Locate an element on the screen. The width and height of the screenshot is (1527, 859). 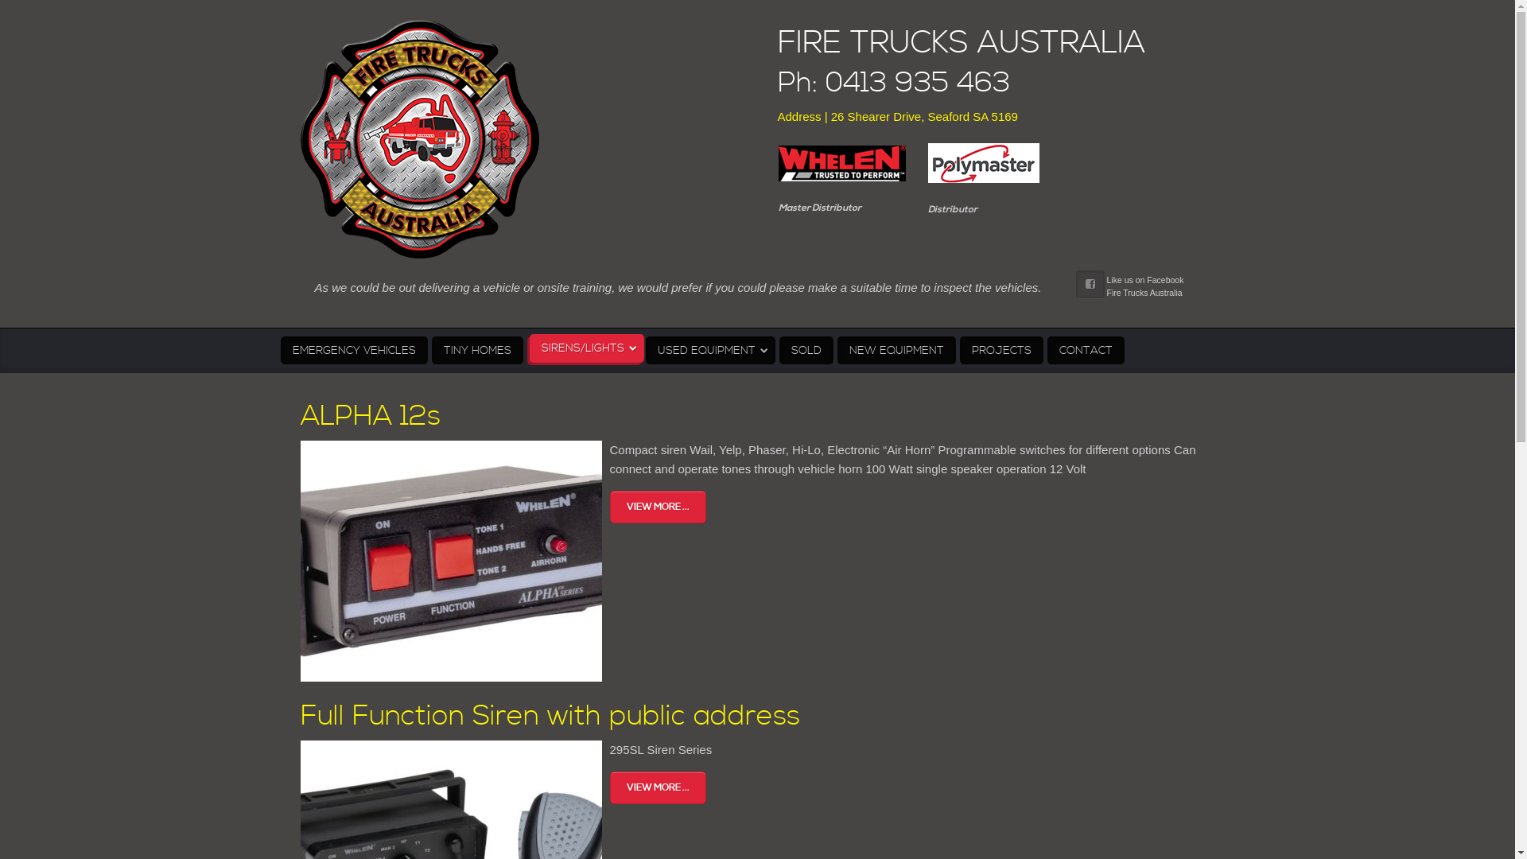
'TINY HOMES' is located at coordinates (476, 348).